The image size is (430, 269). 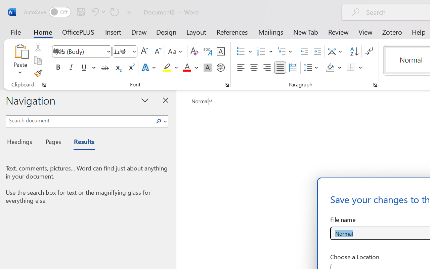 What do you see at coordinates (271, 32) in the screenshot?
I see `'Mailings'` at bounding box center [271, 32].